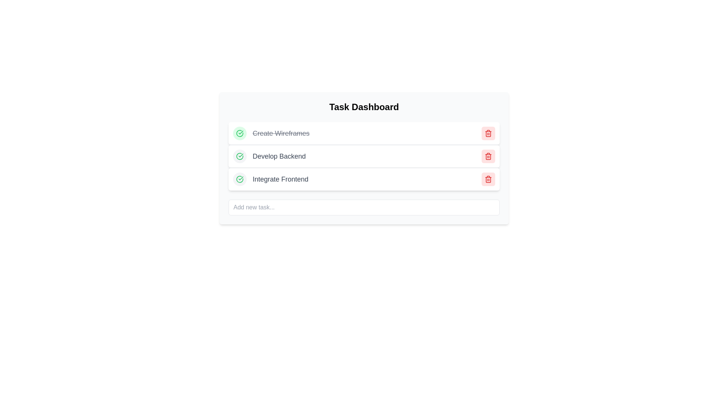  I want to click on the text label that reads 'Develop Backend', which is styled with a medium-sized font in gray and located in the middle task row of a task dashboard interface, so click(279, 156).